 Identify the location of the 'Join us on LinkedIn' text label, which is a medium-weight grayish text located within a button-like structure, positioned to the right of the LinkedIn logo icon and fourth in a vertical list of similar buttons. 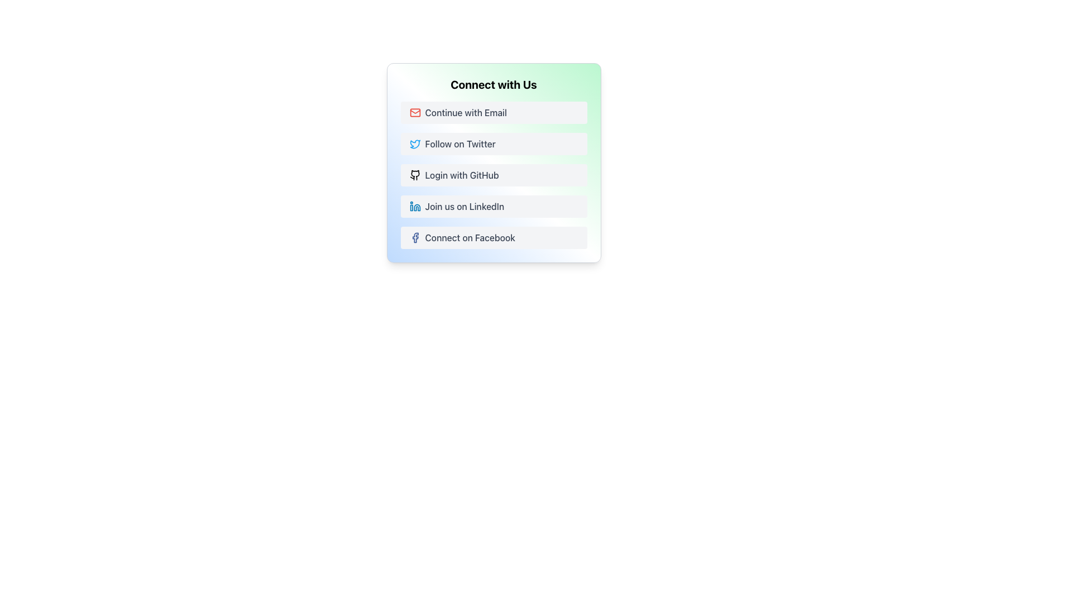
(465, 207).